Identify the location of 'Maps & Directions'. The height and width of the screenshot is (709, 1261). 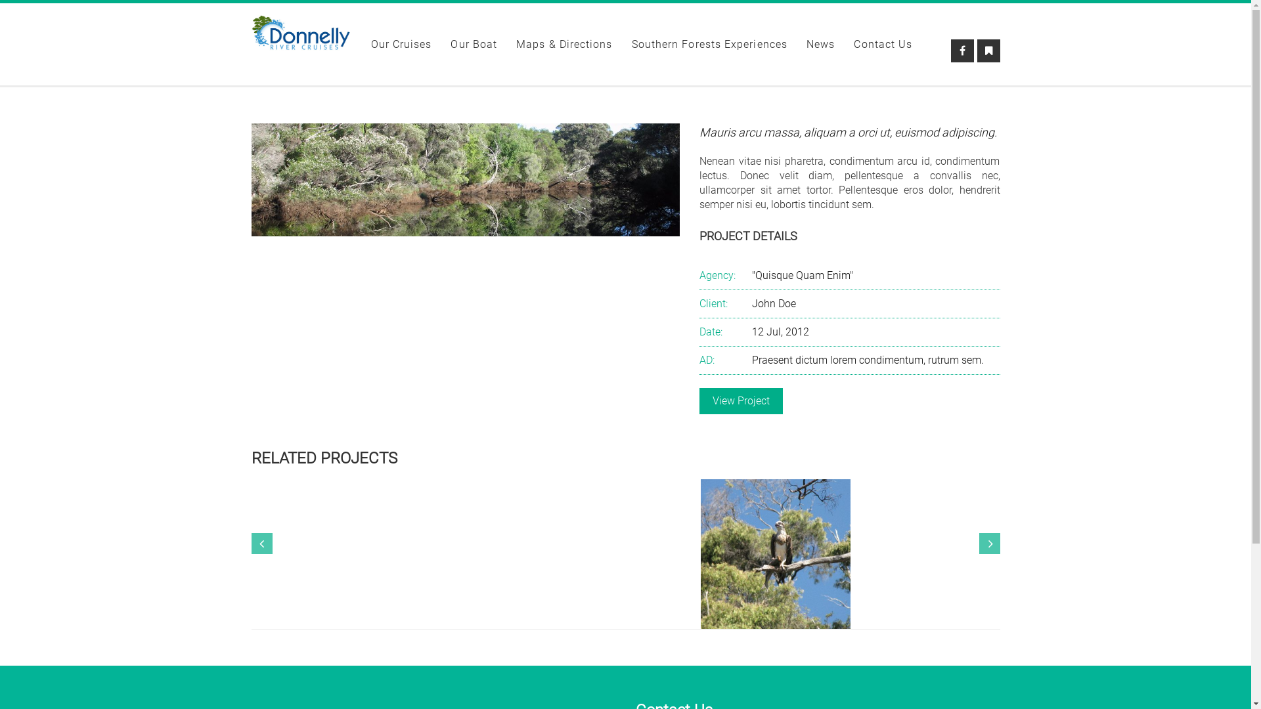
(564, 45).